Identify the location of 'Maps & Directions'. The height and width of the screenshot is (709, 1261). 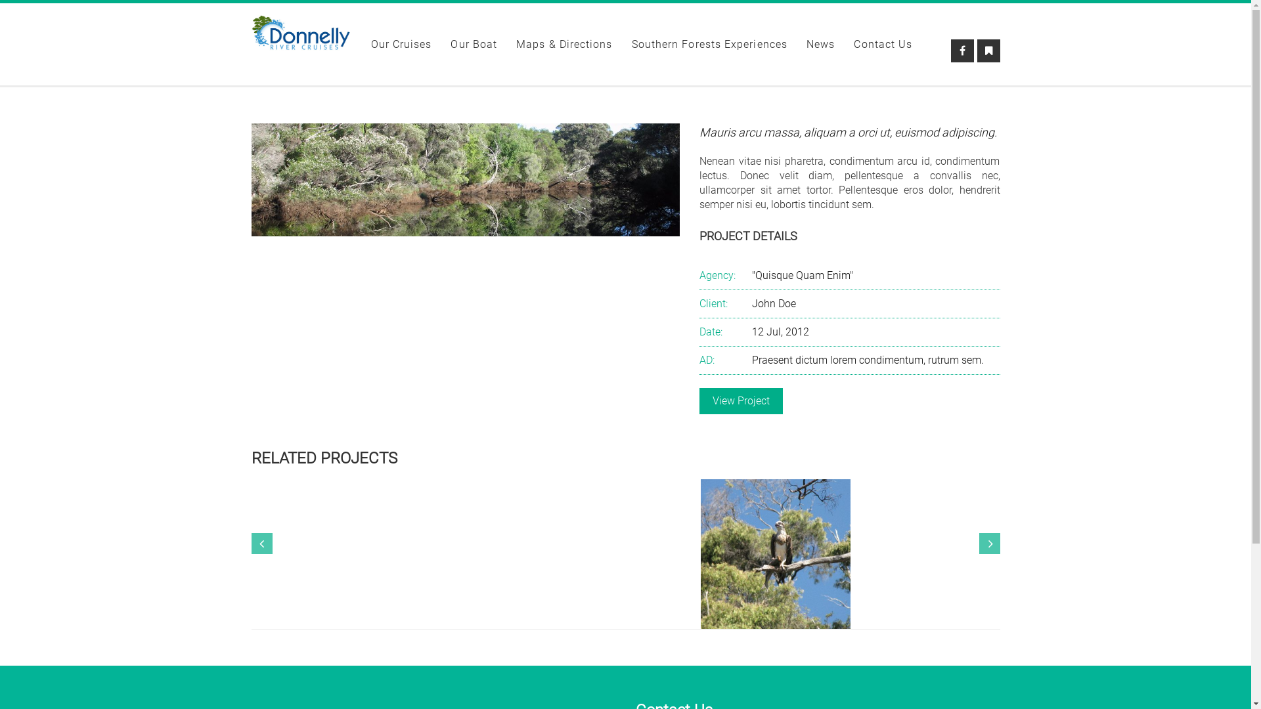
(564, 45).